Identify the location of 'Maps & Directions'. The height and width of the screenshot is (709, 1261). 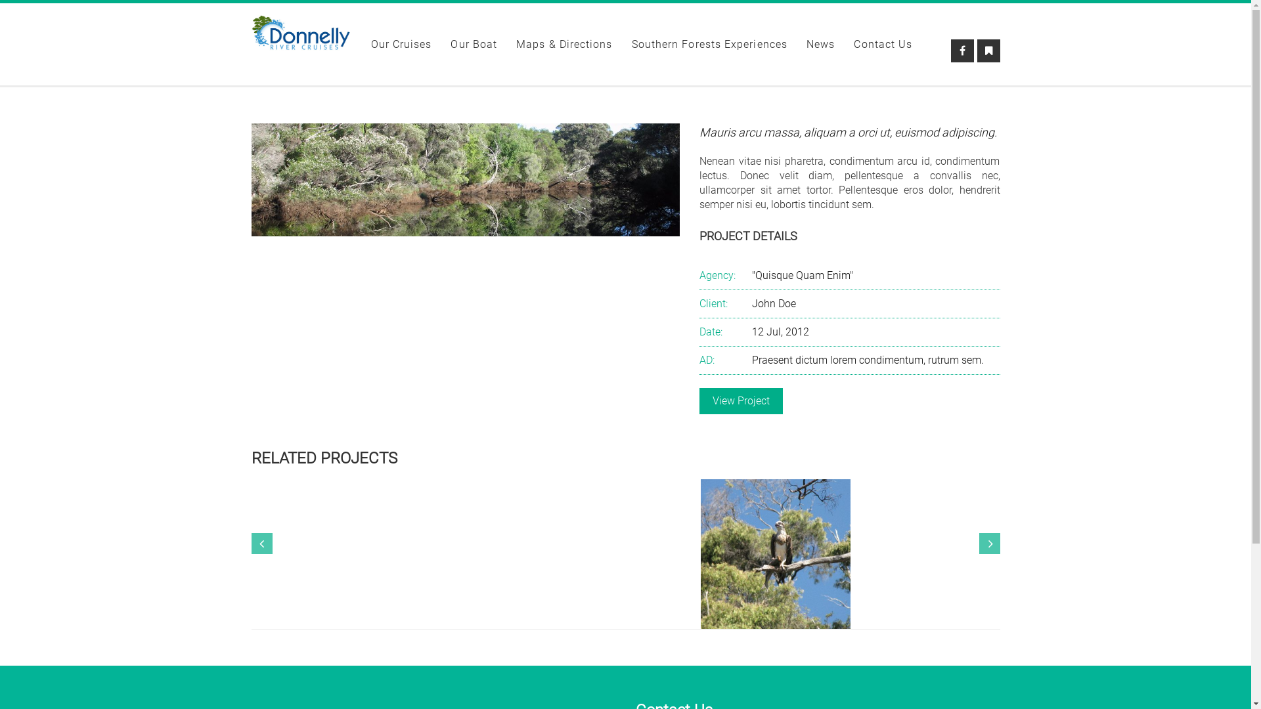
(564, 45).